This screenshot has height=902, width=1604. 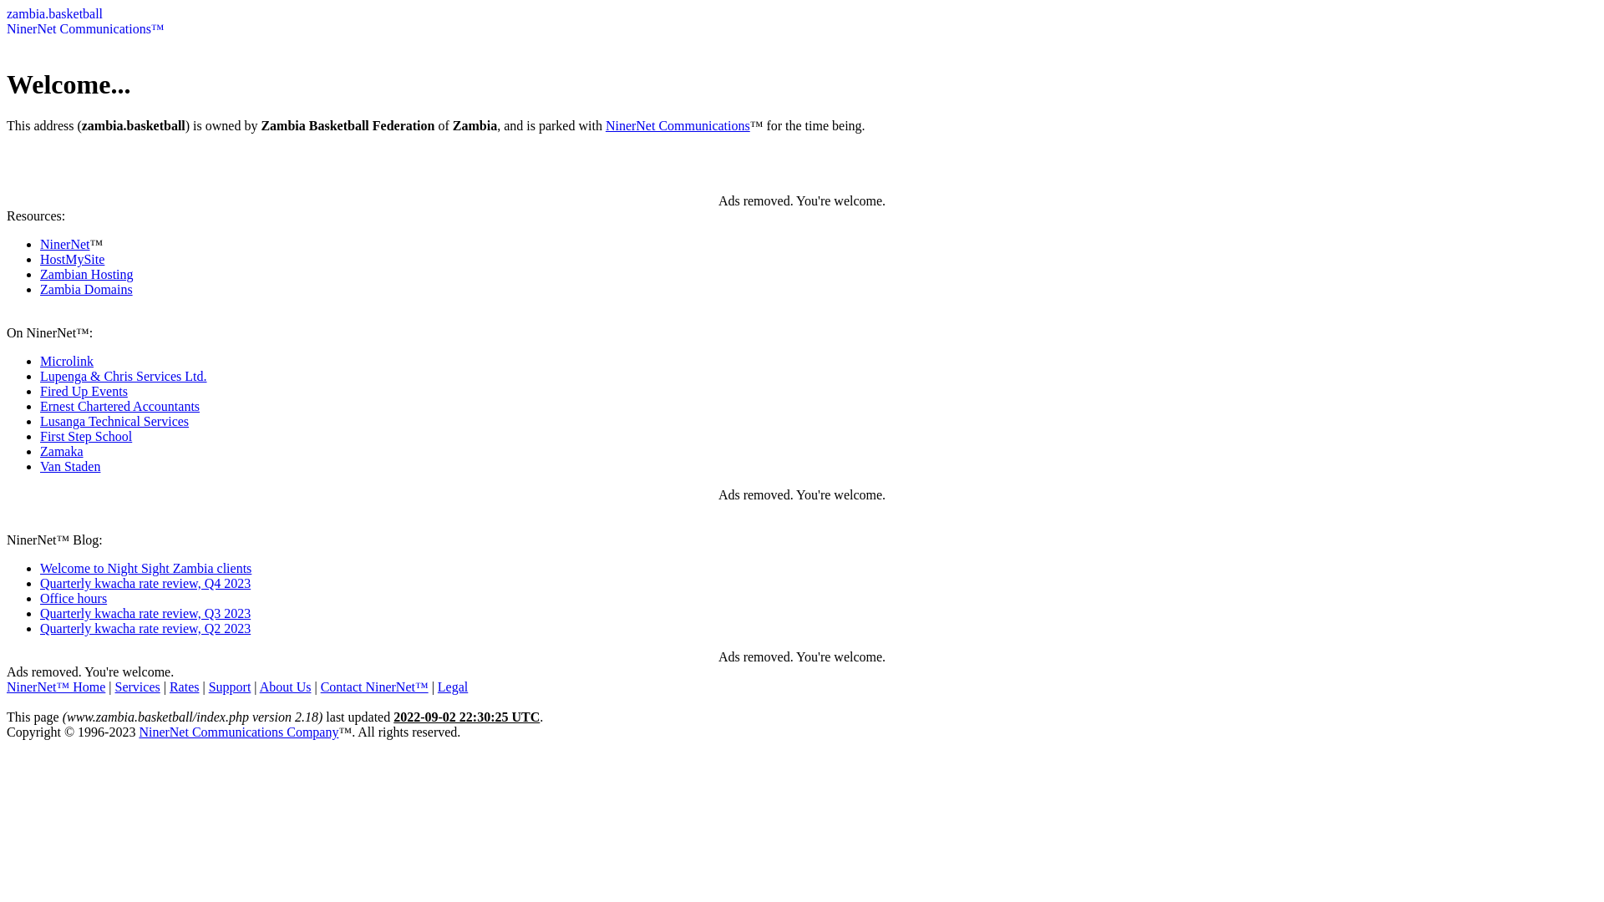 I want to click on 'Lupenga & Chris Services Ltd.', so click(x=123, y=376).